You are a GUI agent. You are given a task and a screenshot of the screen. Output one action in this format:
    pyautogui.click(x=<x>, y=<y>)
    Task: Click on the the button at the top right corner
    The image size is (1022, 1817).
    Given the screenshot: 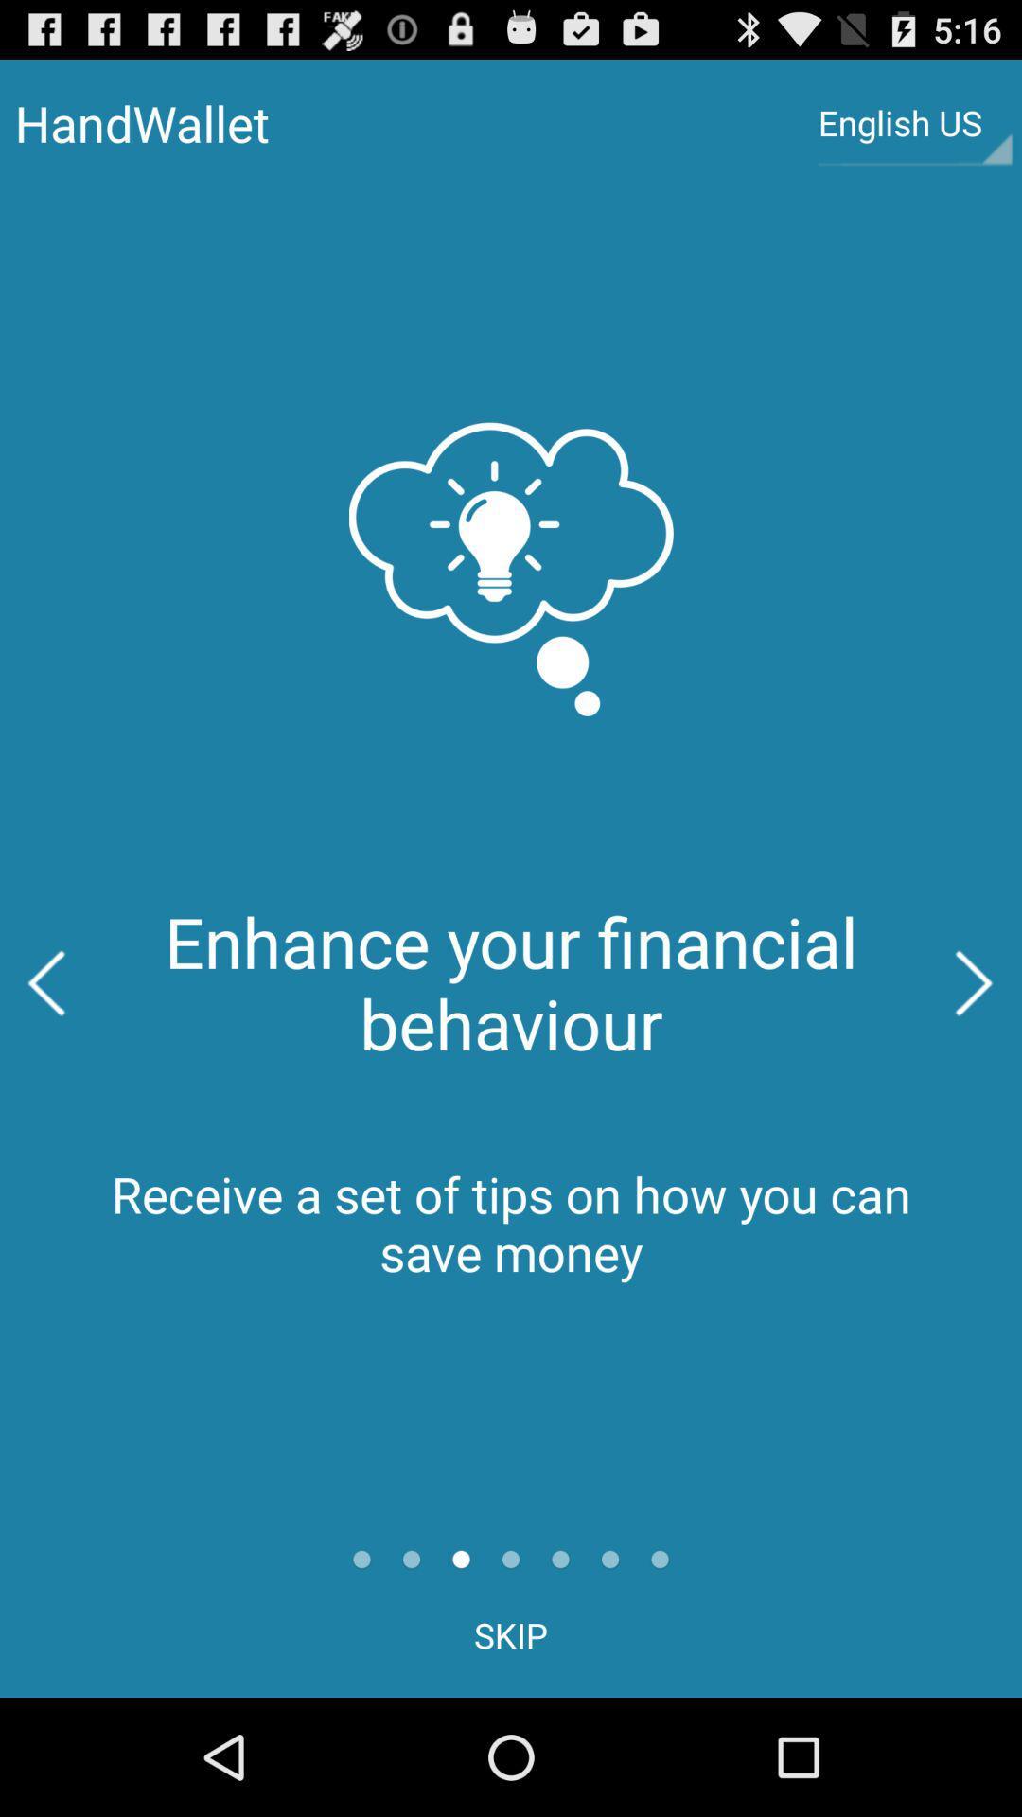 What is the action you would take?
    pyautogui.click(x=914, y=122)
    